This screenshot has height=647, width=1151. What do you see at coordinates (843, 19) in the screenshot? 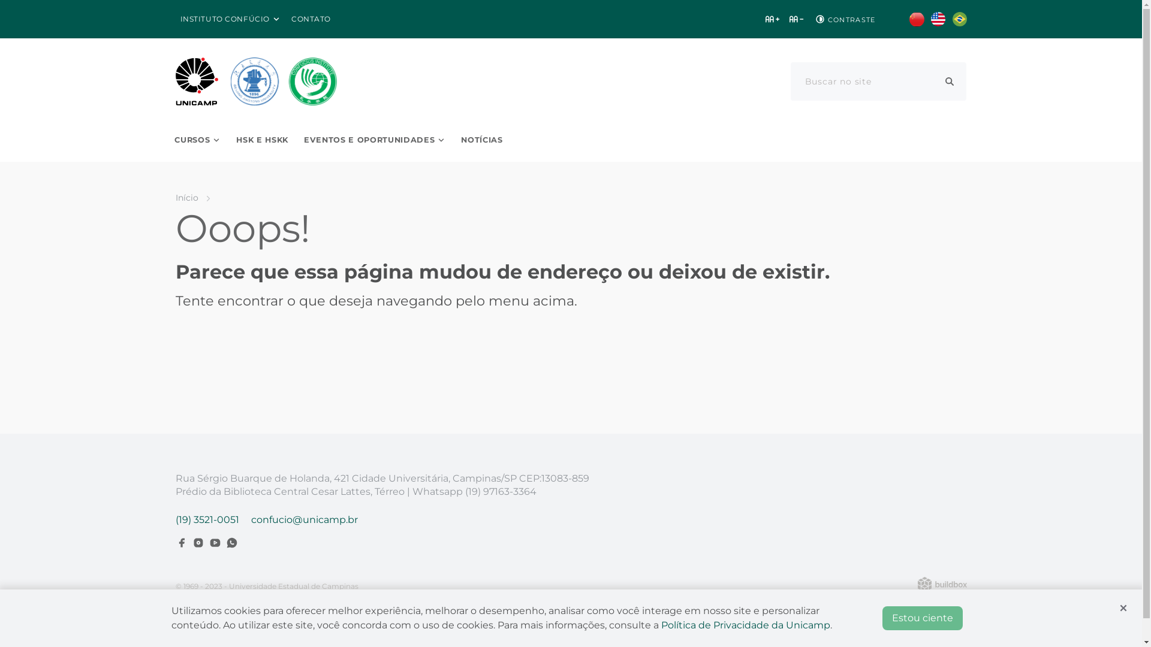
I see `'CONTRASTE'` at bounding box center [843, 19].